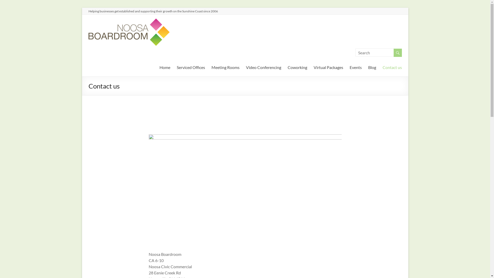 Image resolution: width=494 pixels, height=278 pixels. What do you see at coordinates (211, 26) in the screenshot?
I see `'Noosa Boardroom'` at bounding box center [211, 26].